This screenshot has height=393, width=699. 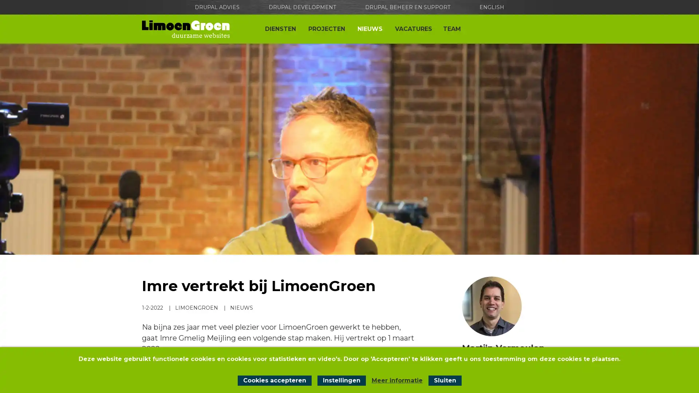 What do you see at coordinates (274, 380) in the screenshot?
I see `Cookies accepteren` at bounding box center [274, 380].